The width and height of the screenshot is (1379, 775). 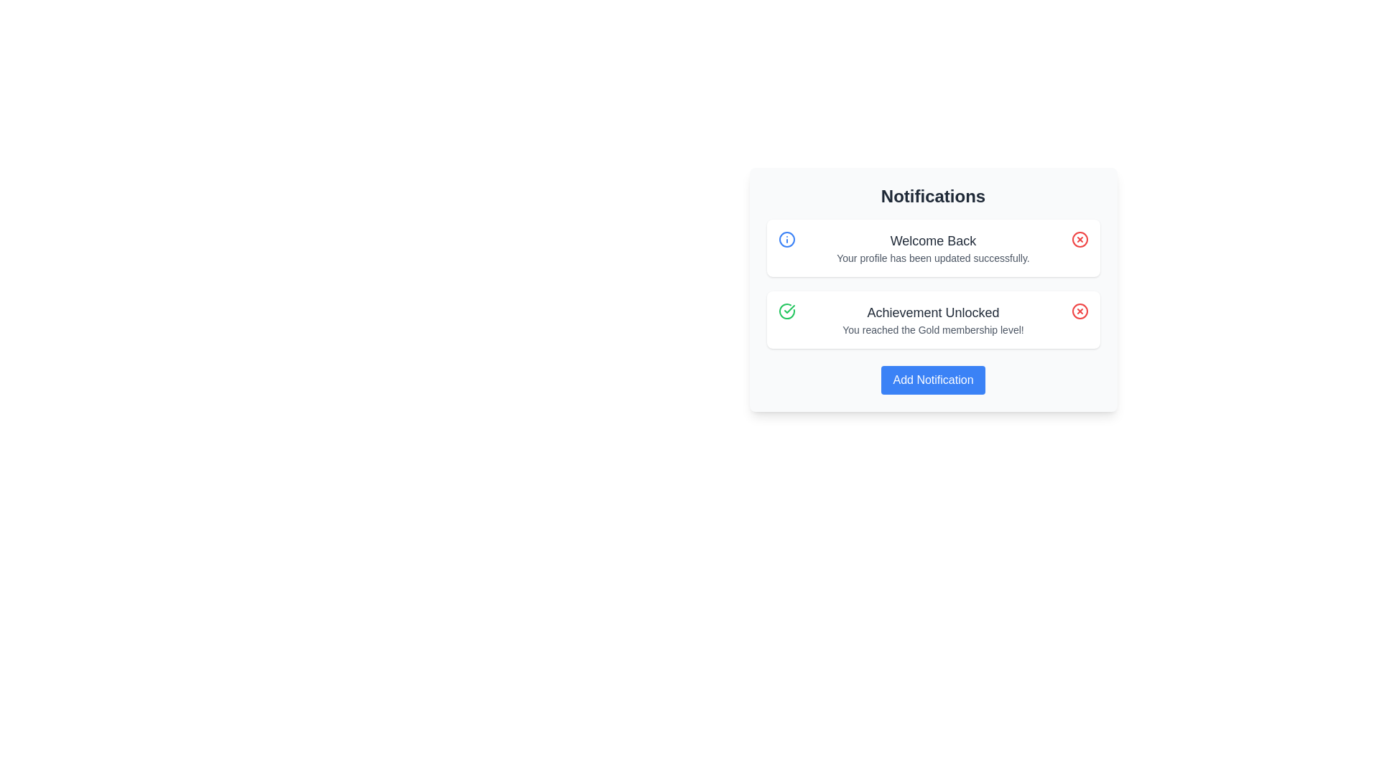 What do you see at coordinates (933, 379) in the screenshot?
I see `the 'Add Notification' button with a blue background and white text, located at the bottom of the 'Notifications' card` at bounding box center [933, 379].